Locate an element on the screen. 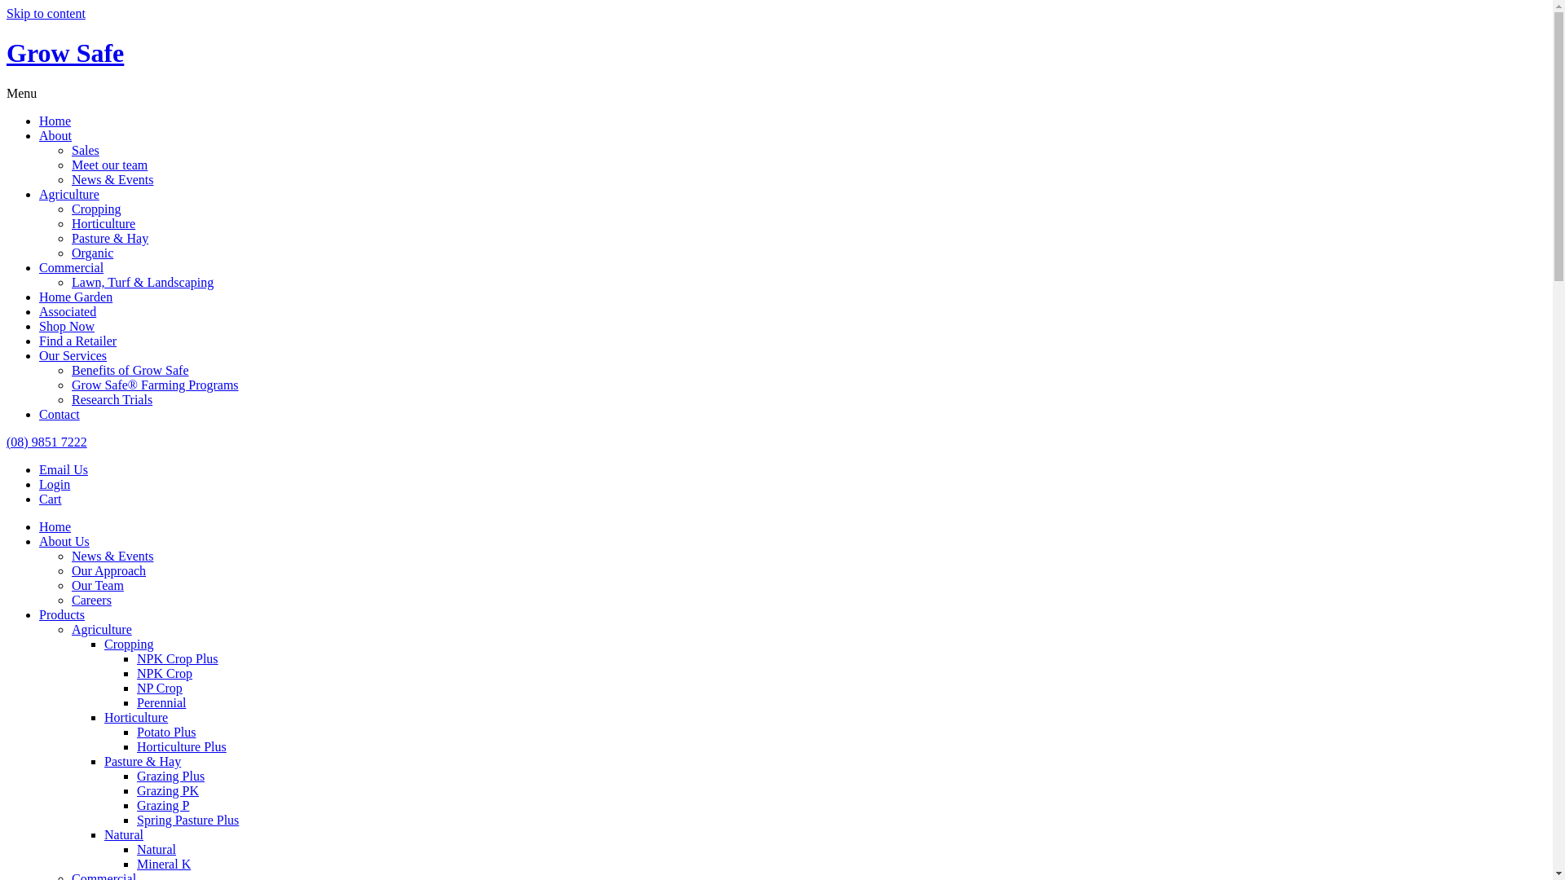 The width and height of the screenshot is (1565, 880). 'Associated' is located at coordinates (39, 311).